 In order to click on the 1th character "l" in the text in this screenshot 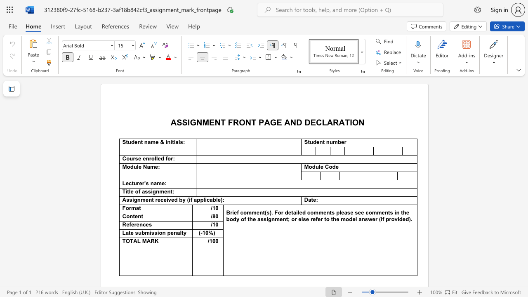, I will do `click(137, 167)`.